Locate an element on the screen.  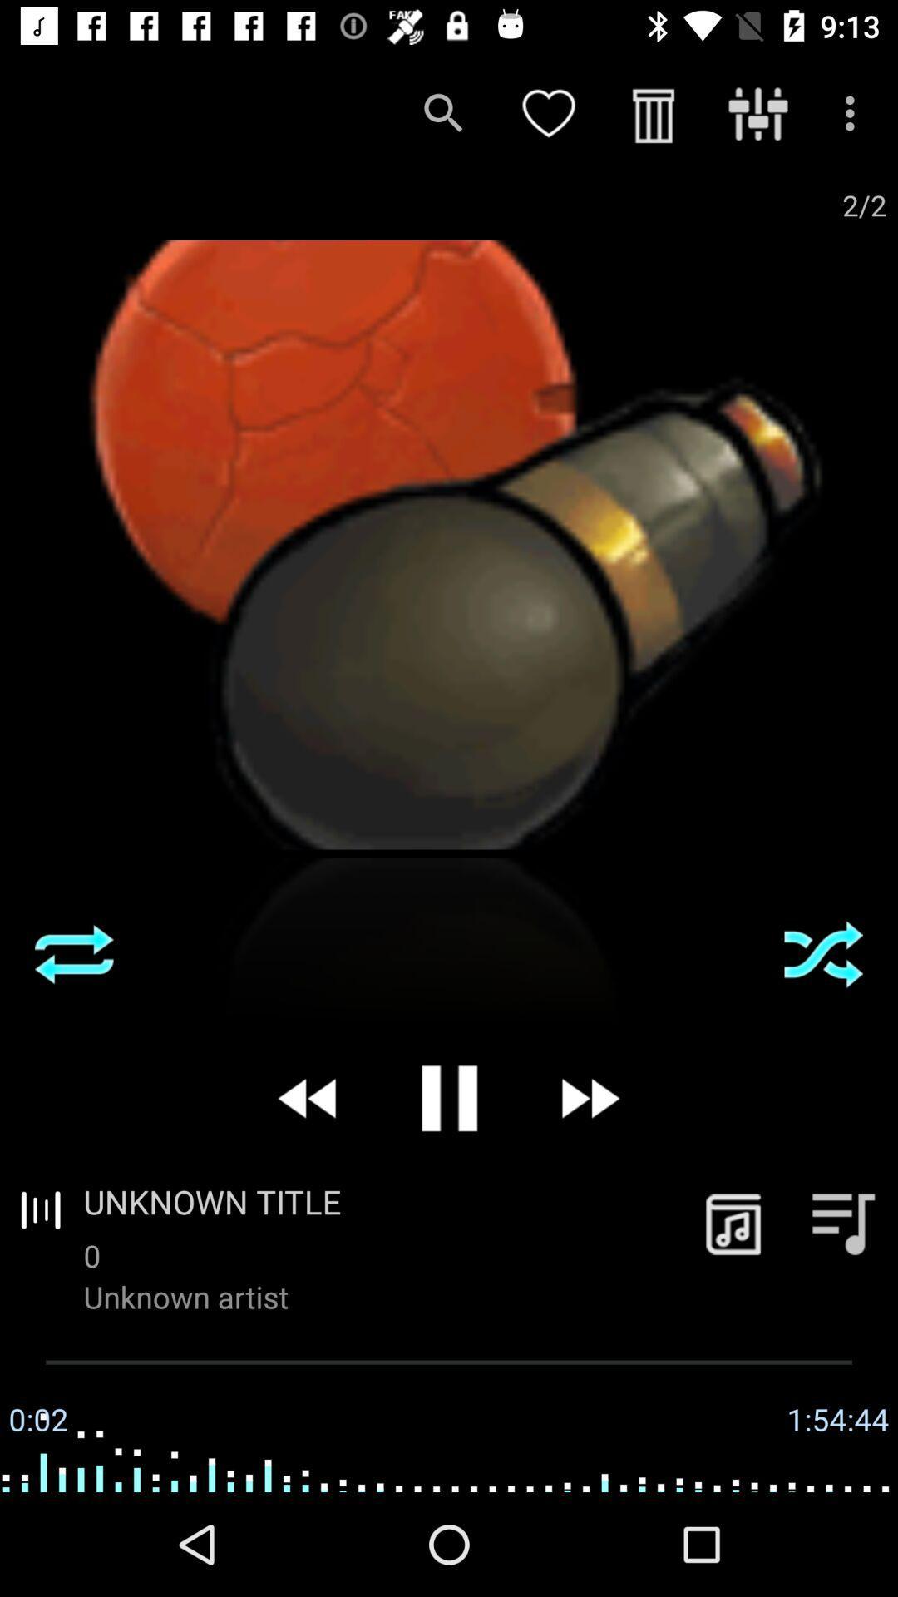
shuffle playlist is located at coordinates (823, 954).